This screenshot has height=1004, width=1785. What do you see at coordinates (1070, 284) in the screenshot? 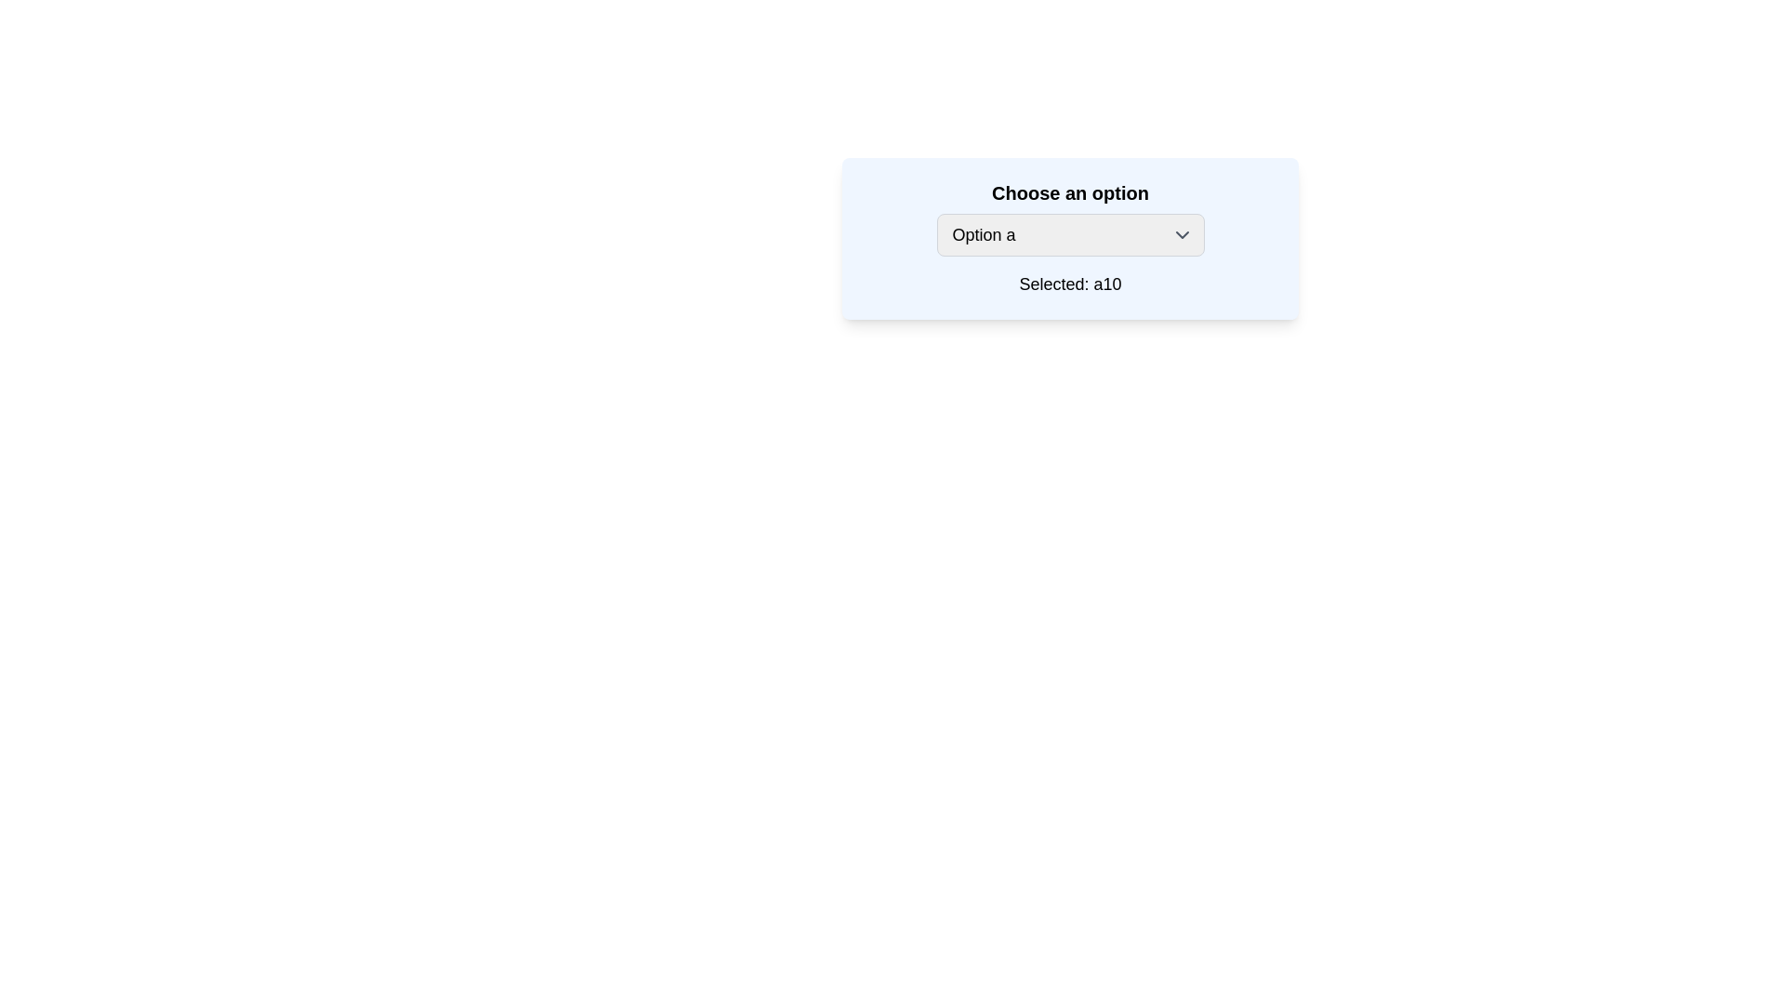
I see `the Text display element that informs users about the currently selected option 'a10', located below the dropdown menu titled 'Choose an option'` at bounding box center [1070, 284].